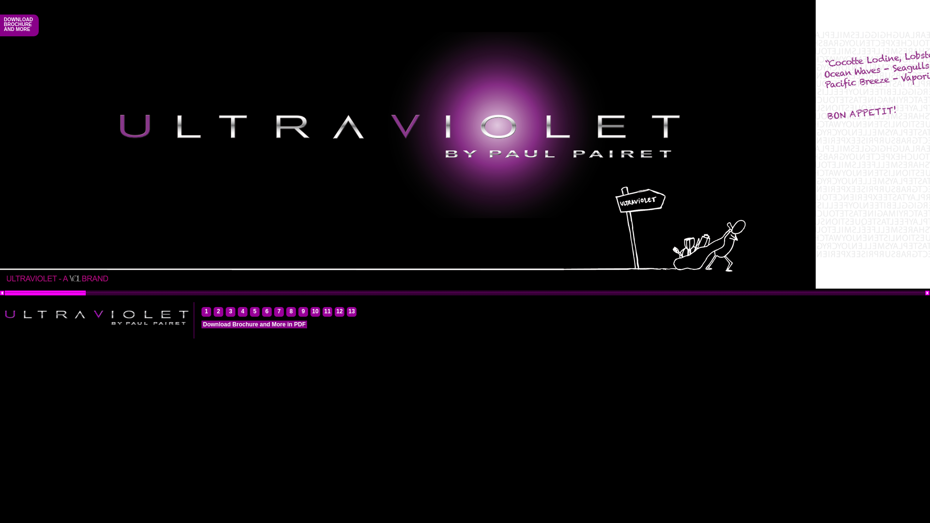 The image size is (930, 523). I want to click on '11', so click(323, 312).